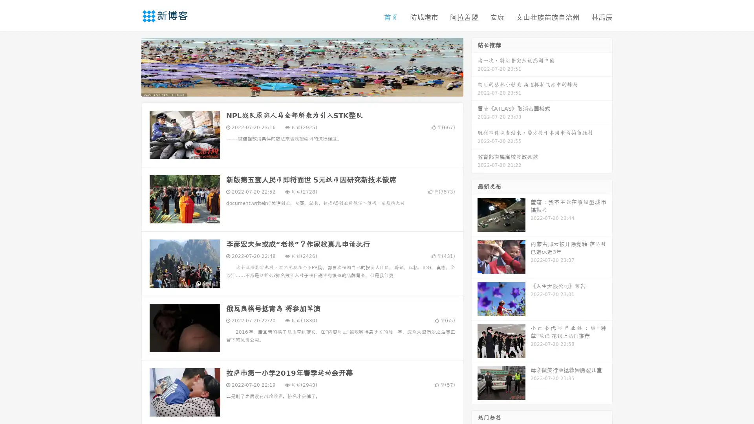 Image resolution: width=754 pixels, height=424 pixels. I want to click on Previous slide, so click(130, 66).